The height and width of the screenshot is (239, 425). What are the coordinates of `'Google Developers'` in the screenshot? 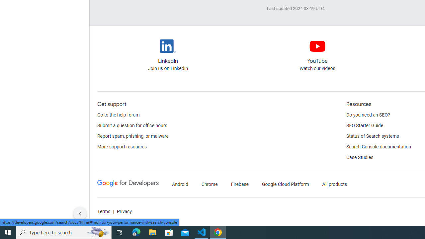 It's located at (128, 183).